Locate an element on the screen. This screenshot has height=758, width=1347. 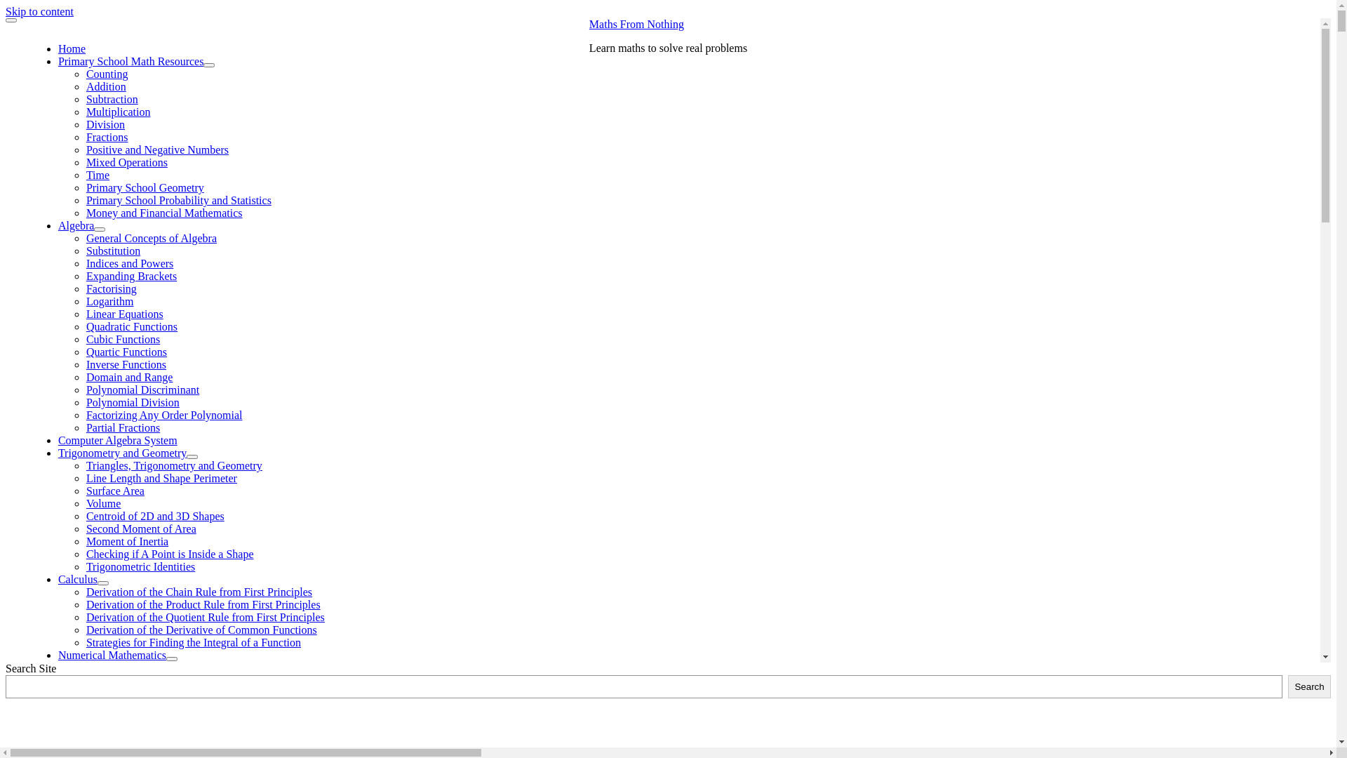
'Linear Equations' is located at coordinates (124, 313).